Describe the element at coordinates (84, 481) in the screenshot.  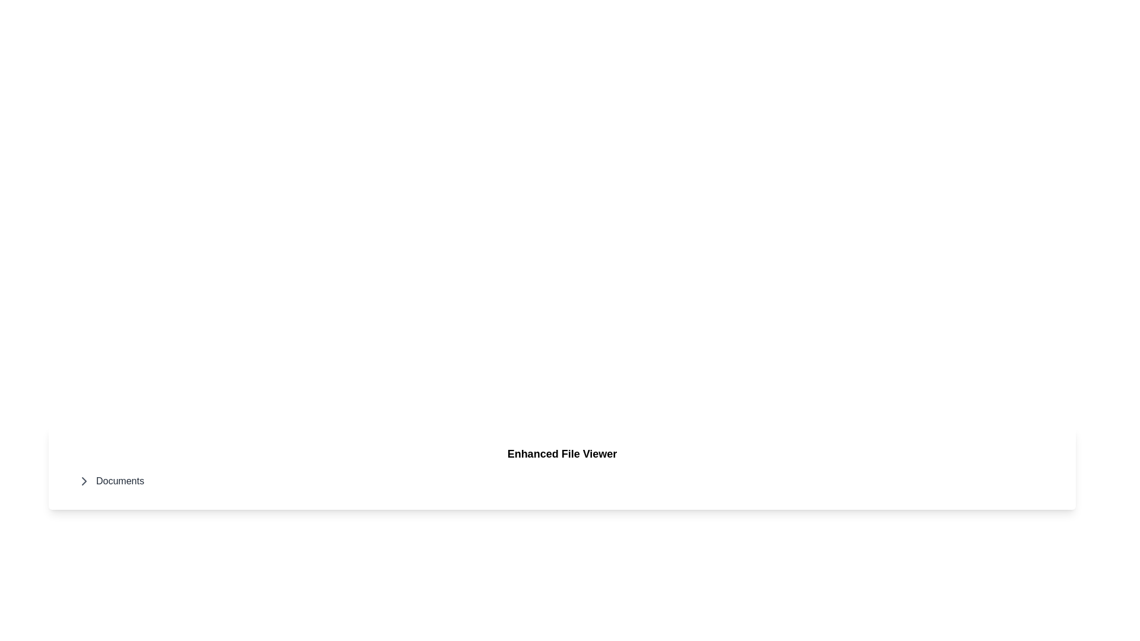
I see `the chevron icon located to the left of the 'Documents' text` at that location.